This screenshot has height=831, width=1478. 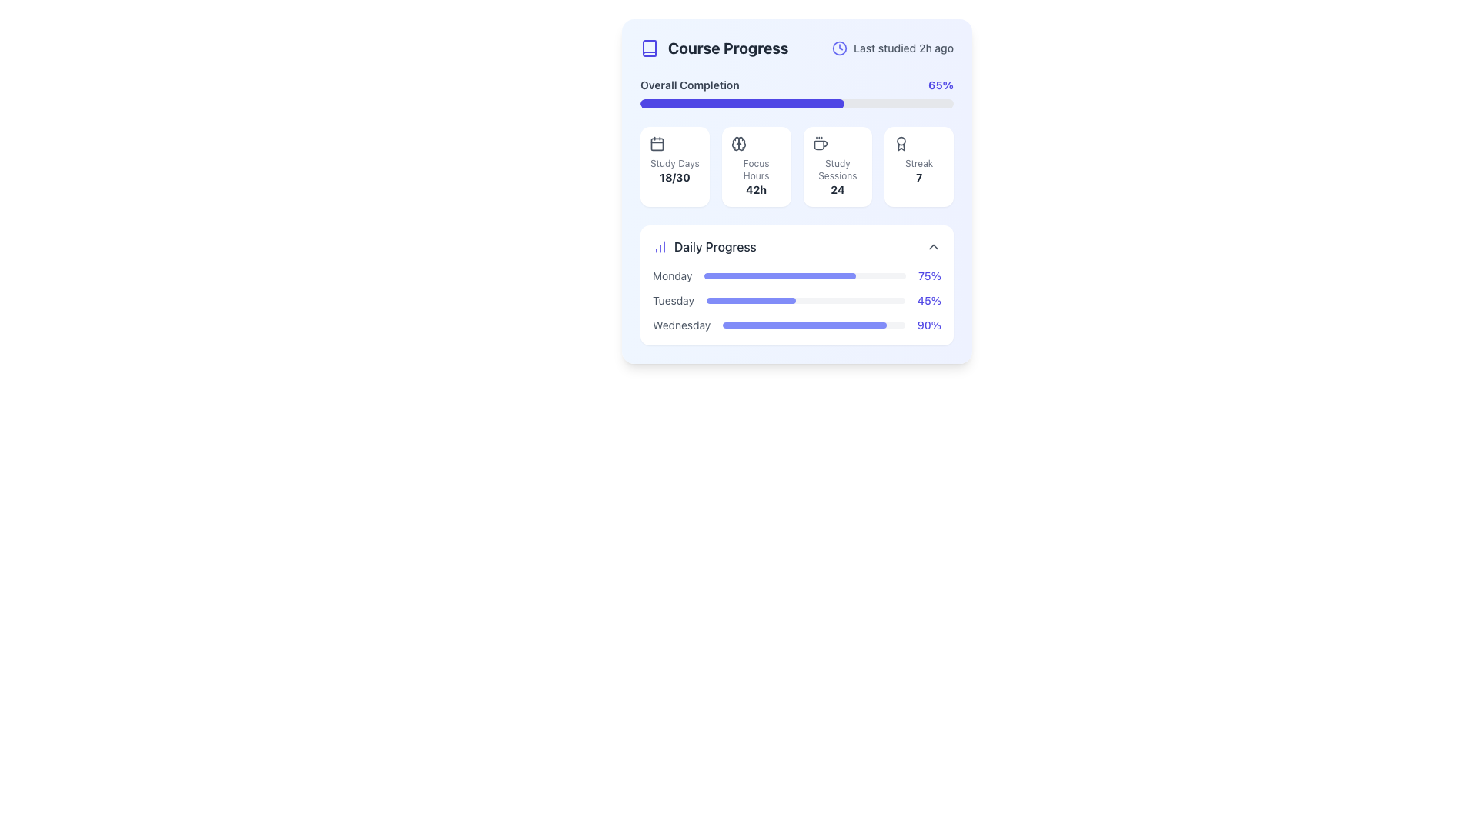 What do you see at coordinates (893, 47) in the screenshot?
I see `the text element displaying 'Last studied 2h ago' with a clock icon in the top right corner of the 'Course Progress' section` at bounding box center [893, 47].